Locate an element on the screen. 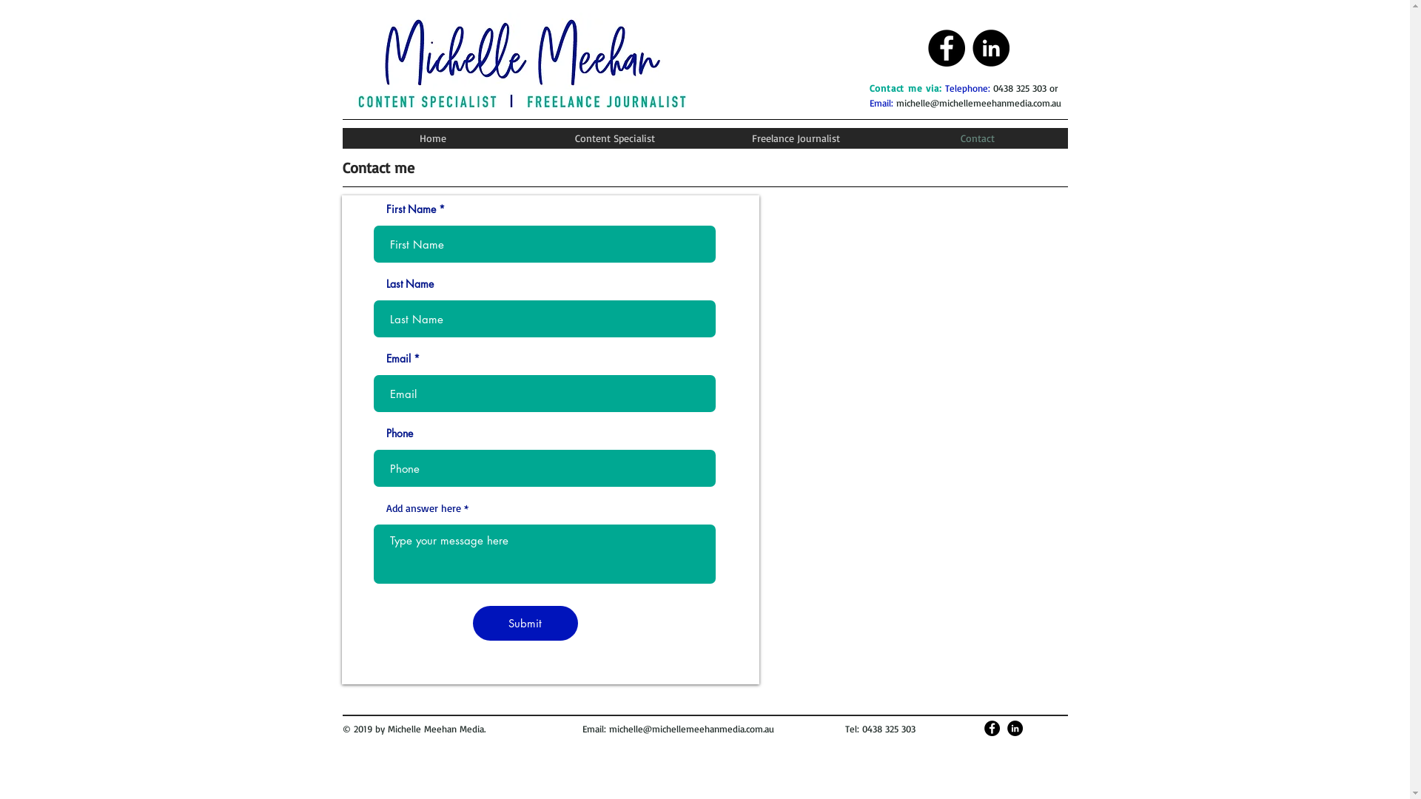 This screenshot has width=1421, height=799. 'Contact' is located at coordinates (977, 138).